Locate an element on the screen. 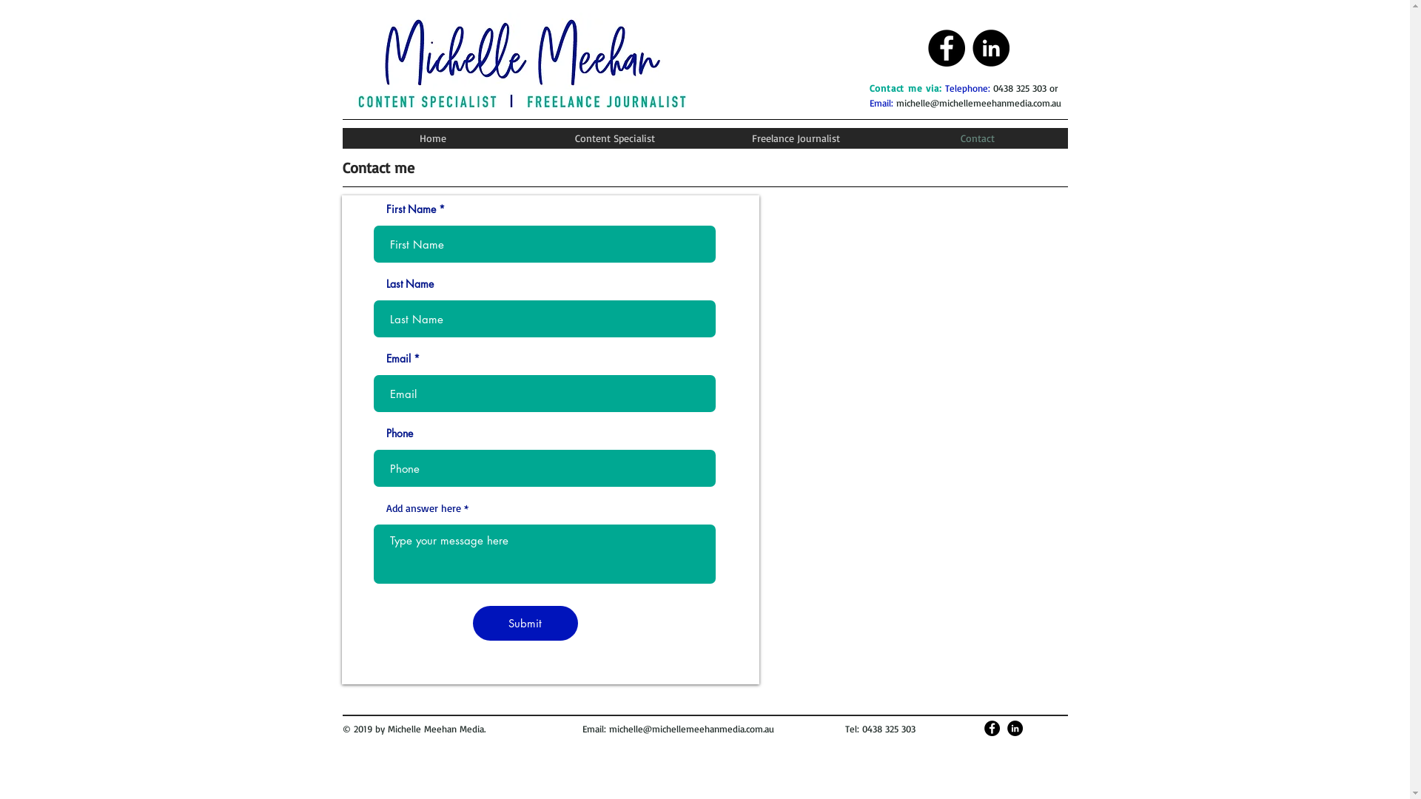 This screenshot has width=1421, height=799. 'Contact' is located at coordinates (977, 138).